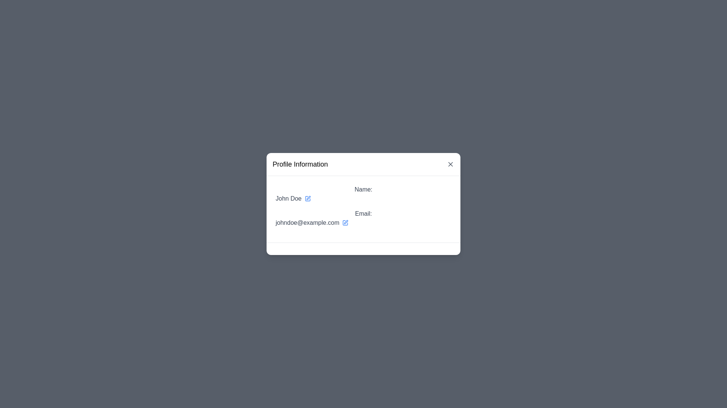 The height and width of the screenshot is (408, 727). What do you see at coordinates (451, 164) in the screenshot?
I see `the X-shaped close button located at the top-right corner of the 'Profile Information' card` at bounding box center [451, 164].